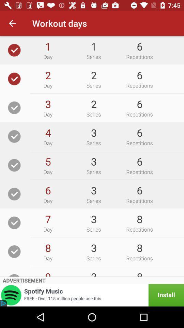 The height and width of the screenshot is (328, 184). What do you see at coordinates (47, 132) in the screenshot?
I see `the 4 item` at bounding box center [47, 132].